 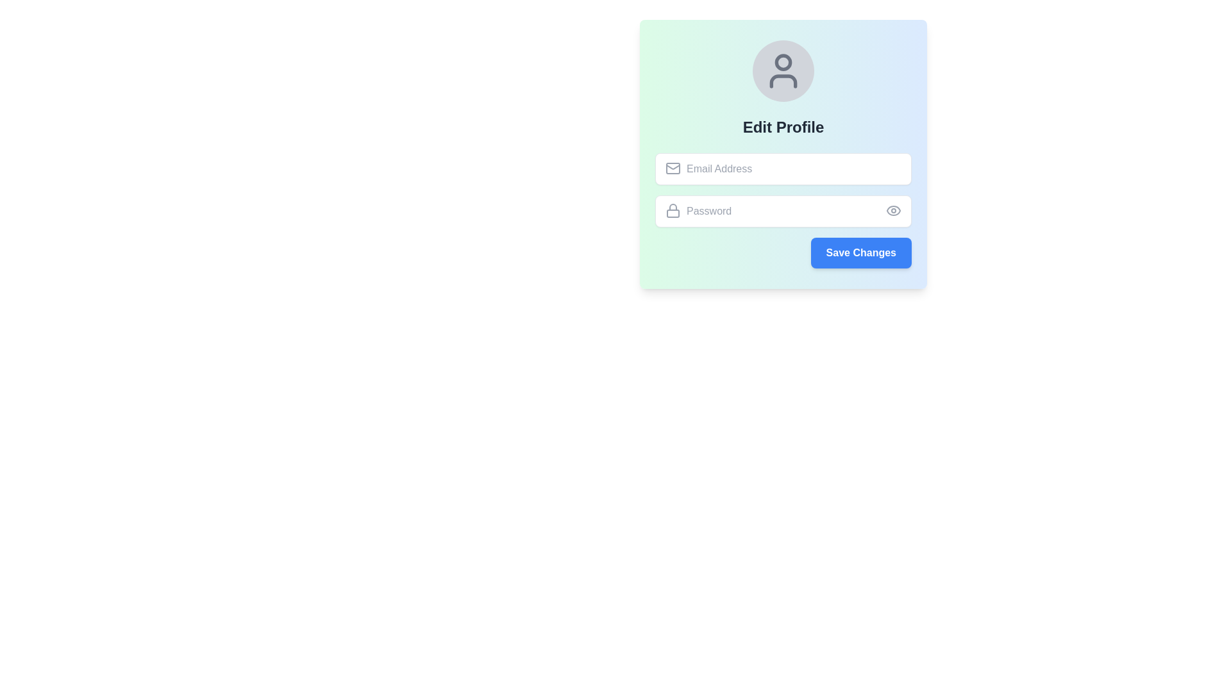 I want to click on new content into the Profile Picture Placeholder, which is a circular UI element with a light gray background and a user silhouette icon, located at the top of the interface panel above the 'Edit Profile' text, so click(x=783, y=71).